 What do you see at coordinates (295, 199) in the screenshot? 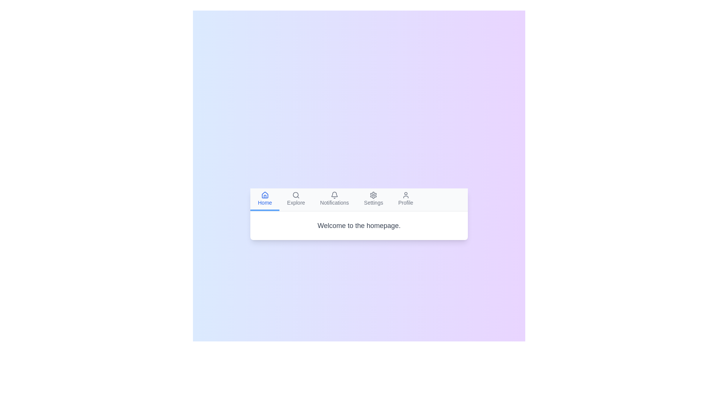
I see `the tab labeled Explore to inspect its content` at bounding box center [295, 199].